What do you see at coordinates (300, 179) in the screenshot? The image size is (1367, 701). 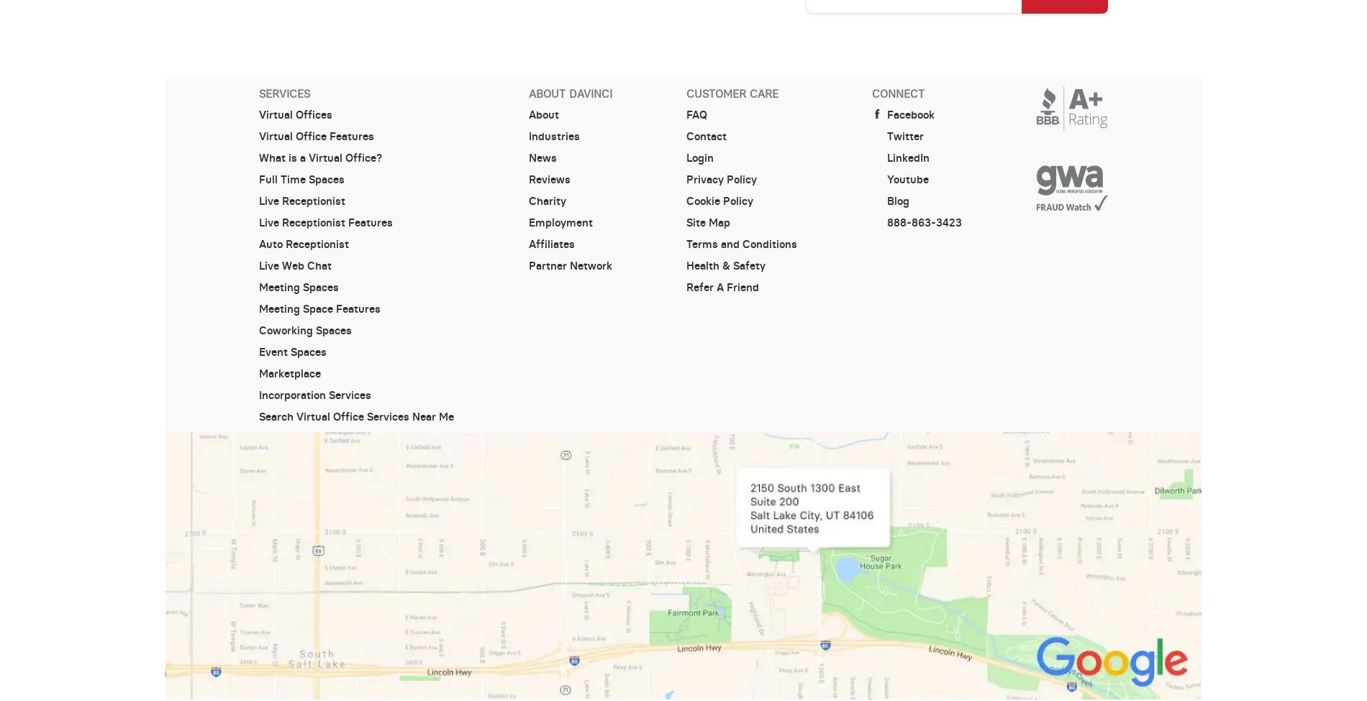 I see `'Full Time Spaces'` at bounding box center [300, 179].